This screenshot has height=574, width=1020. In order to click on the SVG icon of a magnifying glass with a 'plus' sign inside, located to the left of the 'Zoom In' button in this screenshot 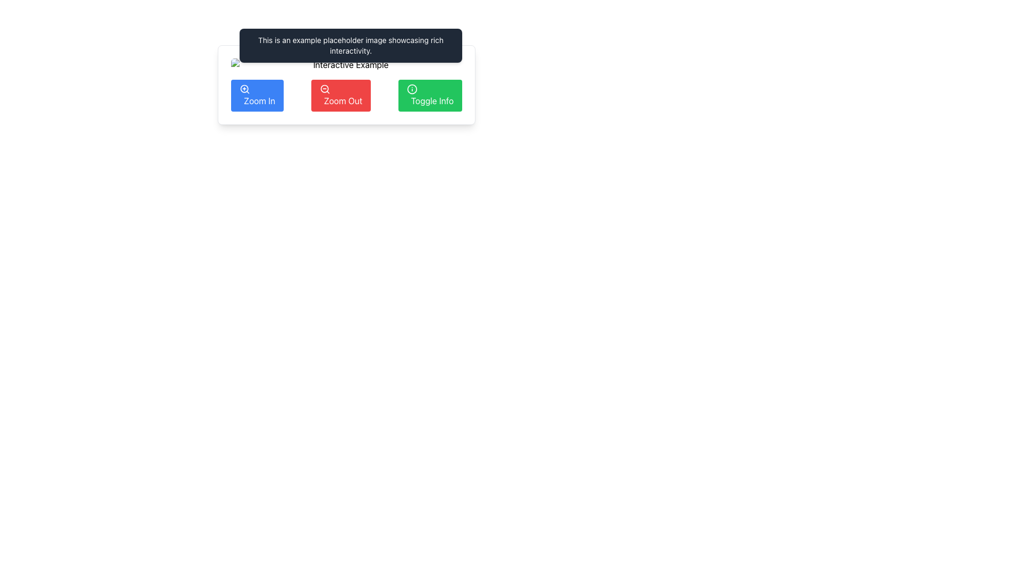, I will do `click(244, 89)`.